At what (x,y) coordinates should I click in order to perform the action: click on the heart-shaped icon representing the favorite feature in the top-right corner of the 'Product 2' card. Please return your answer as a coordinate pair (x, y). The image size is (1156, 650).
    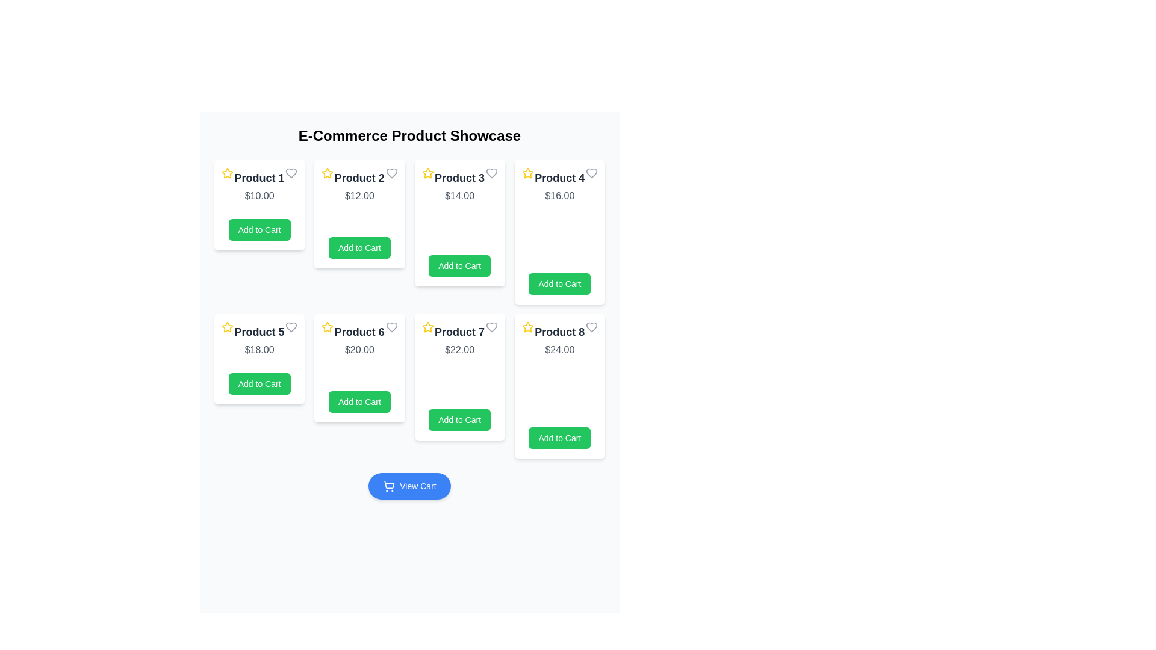
    Looking at the image, I should click on (391, 173).